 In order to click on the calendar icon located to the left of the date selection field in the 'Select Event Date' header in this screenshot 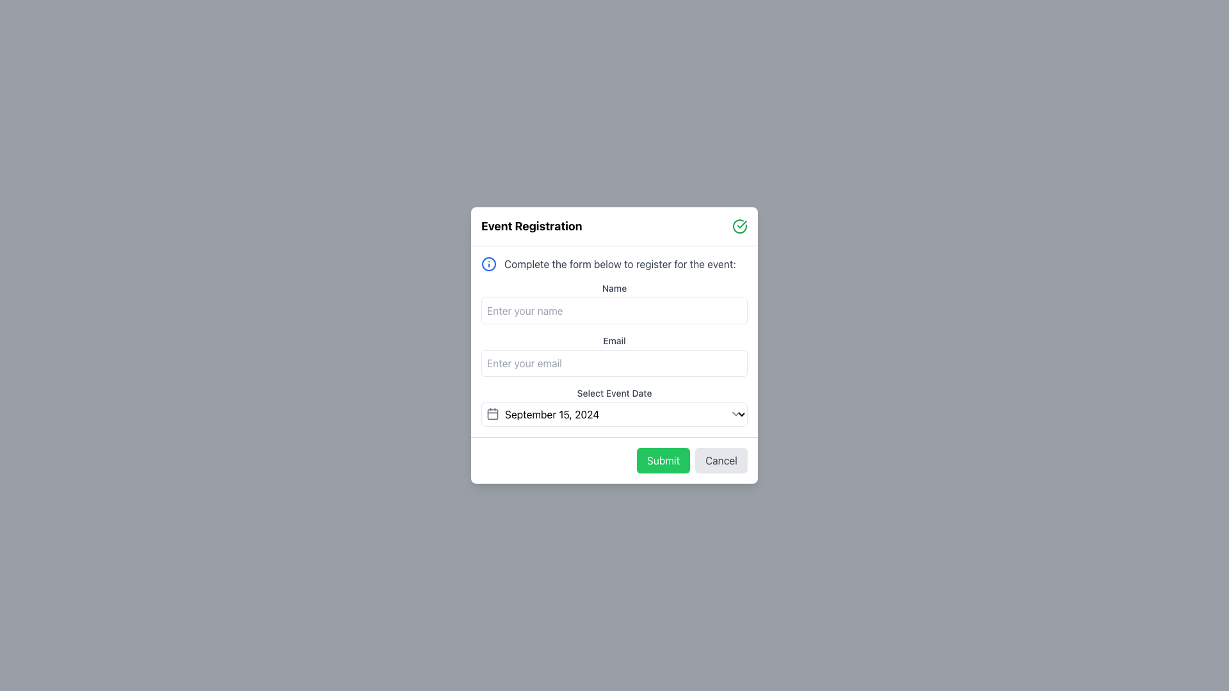, I will do `click(492, 414)`.